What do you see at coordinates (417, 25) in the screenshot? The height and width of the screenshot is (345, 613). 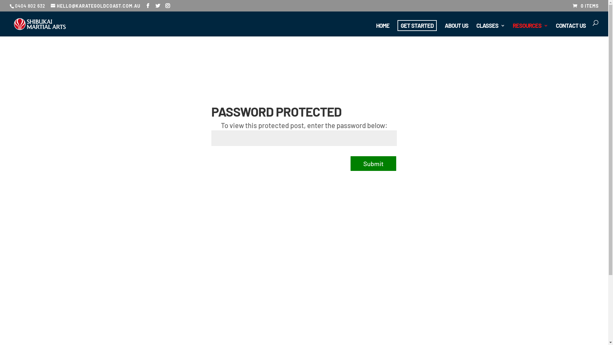 I see `'GET STARTED'` at bounding box center [417, 25].